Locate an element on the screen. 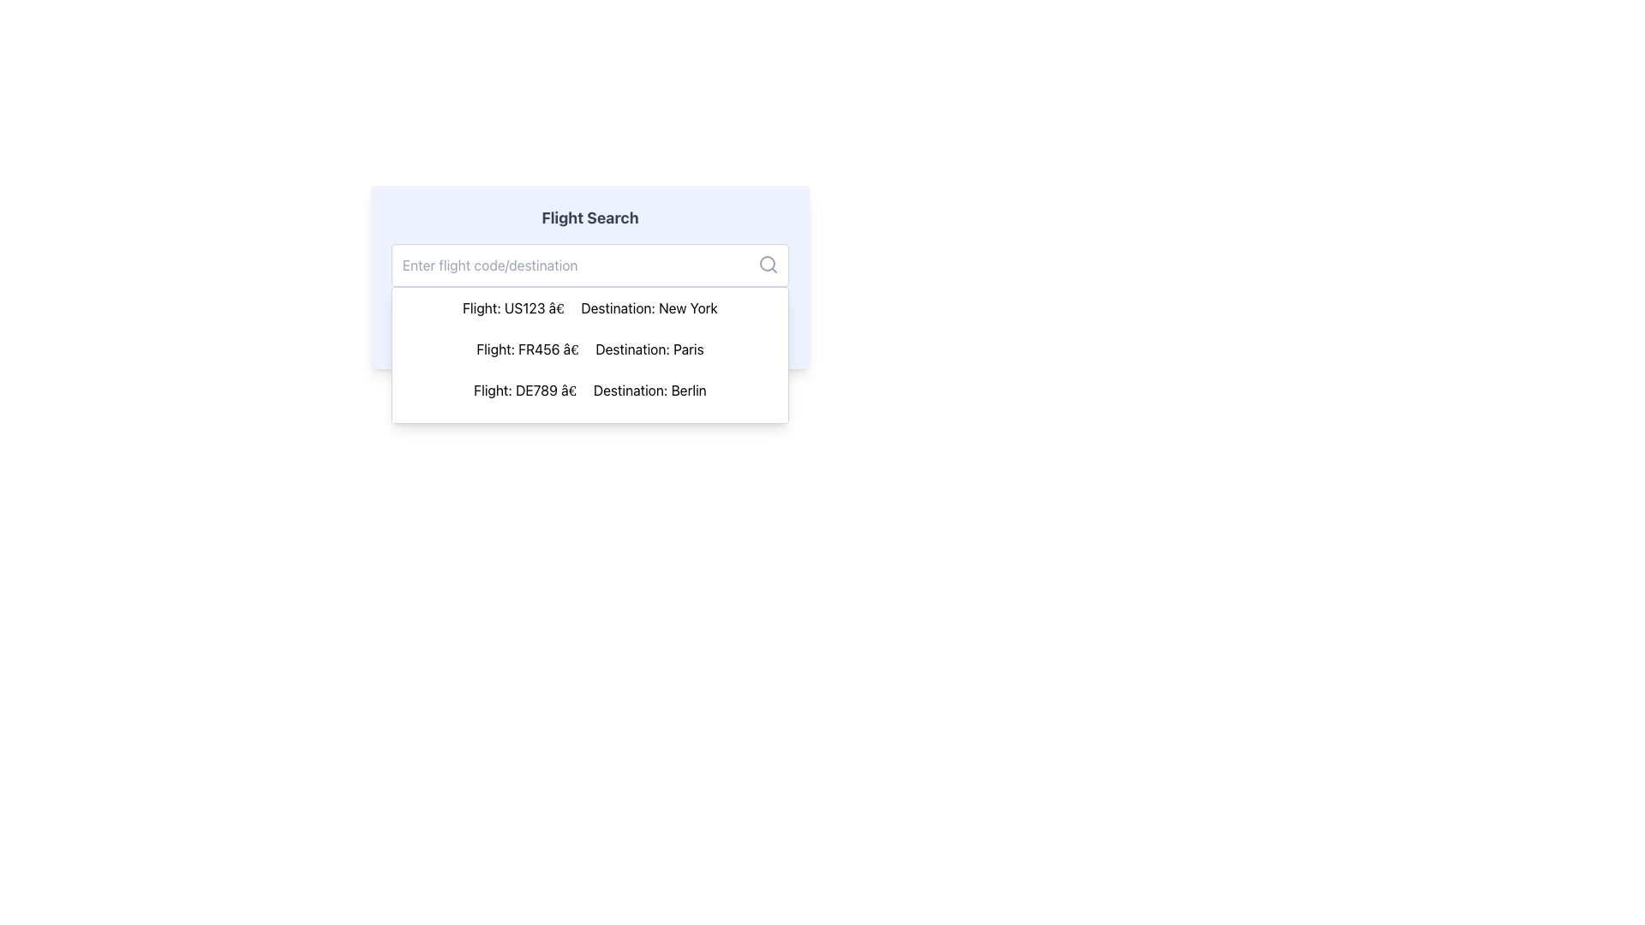 The width and height of the screenshot is (1645, 925). the third list item displaying 'Flight: DE789 - Destination: Berlin' is located at coordinates (590, 390).